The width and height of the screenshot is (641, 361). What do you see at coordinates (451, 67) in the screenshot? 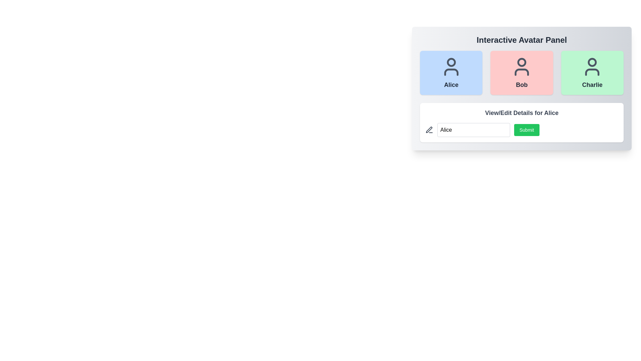
I see `the user profile icon representing 'Alice' which is a gray outline of a human figure located centrally in the user card` at bounding box center [451, 67].